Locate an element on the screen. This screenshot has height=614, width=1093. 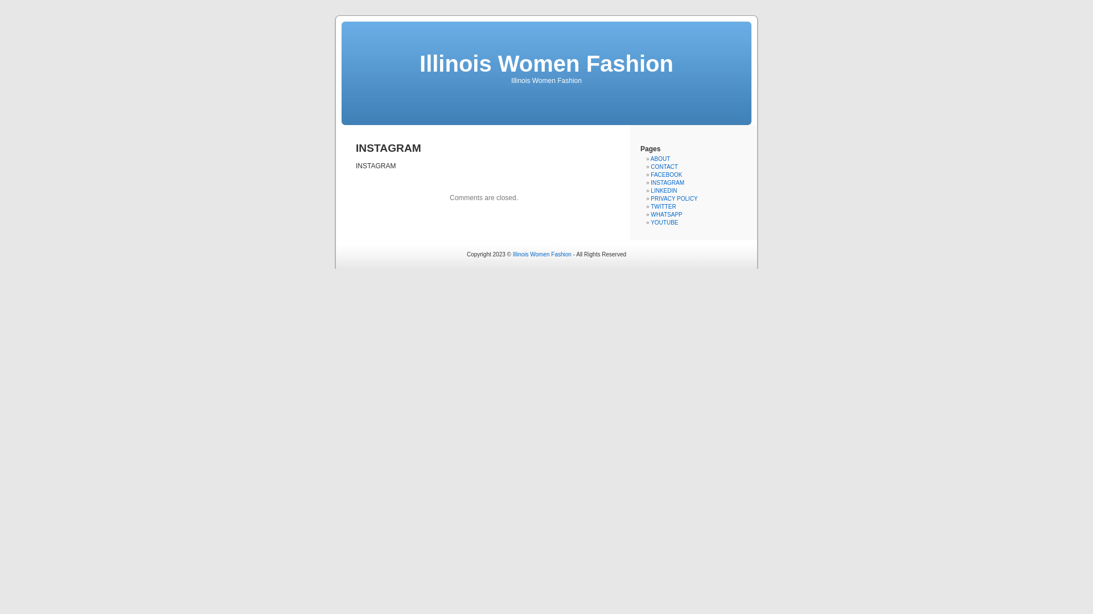
'CONTACT' is located at coordinates (664, 167).